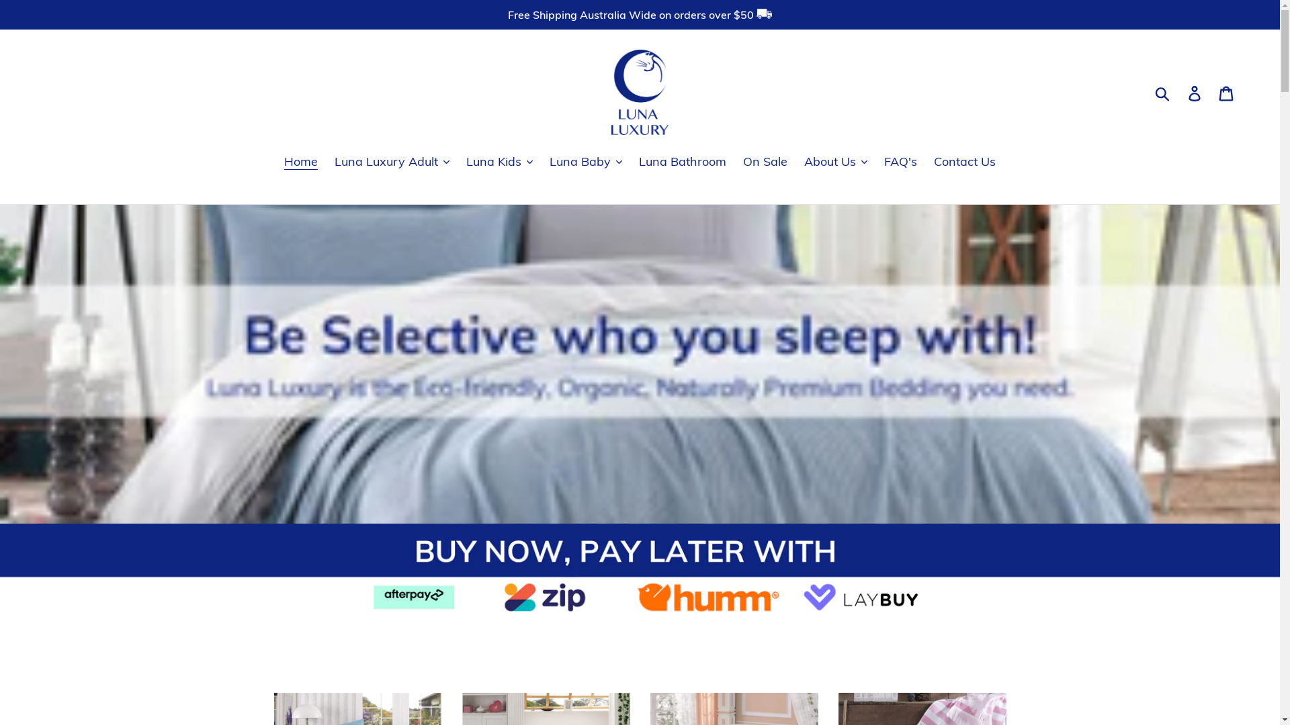 The height and width of the screenshot is (725, 1290). What do you see at coordinates (300, 160) in the screenshot?
I see `'Home'` at bounding box center [300, 160].